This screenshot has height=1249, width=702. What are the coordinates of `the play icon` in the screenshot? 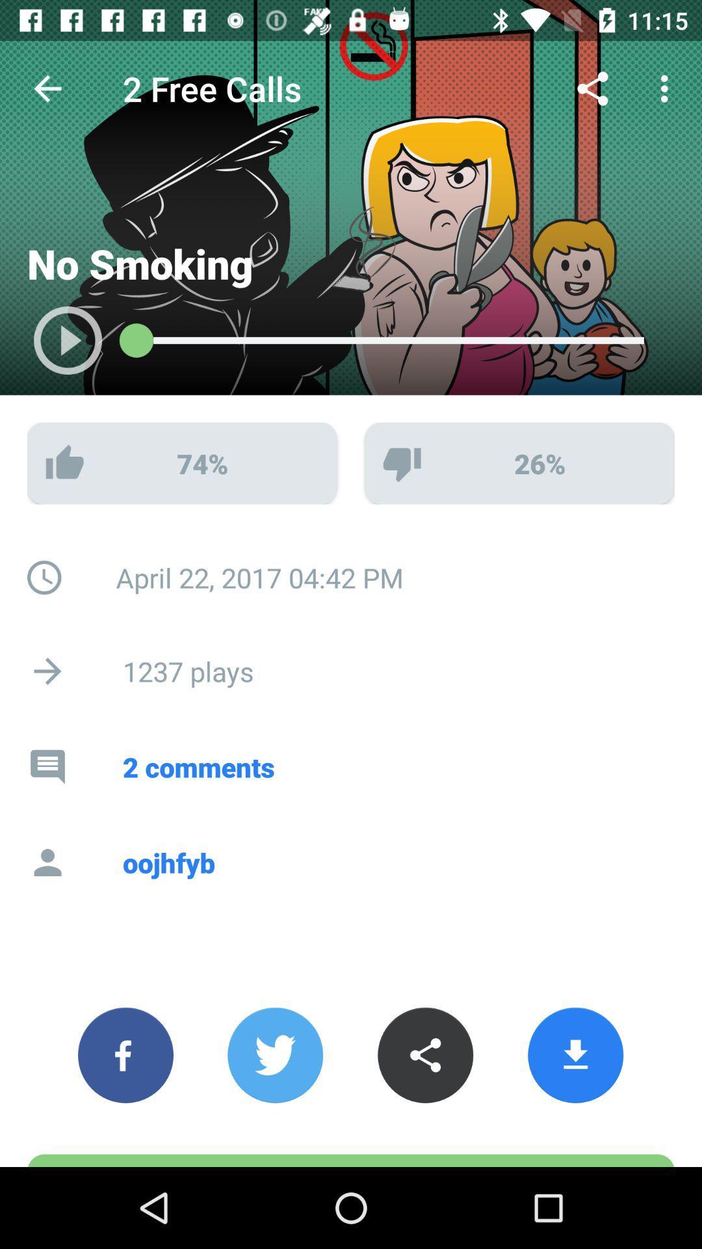 It's located at (54, 347).